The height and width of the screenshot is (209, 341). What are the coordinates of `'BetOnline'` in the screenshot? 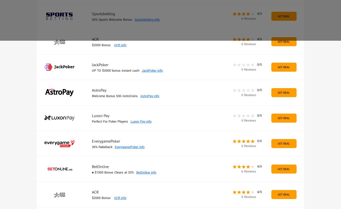 It's located at (100, 167).